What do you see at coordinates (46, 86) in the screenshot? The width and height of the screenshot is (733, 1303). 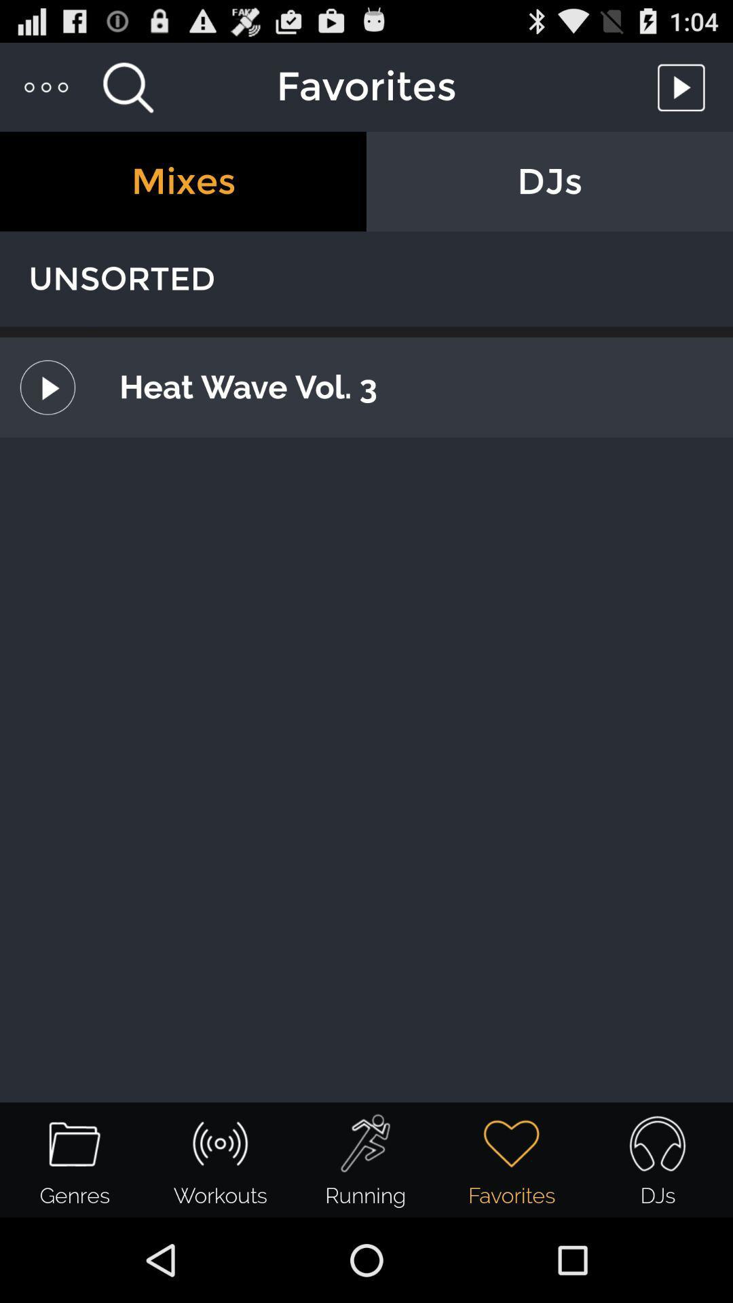 I see `more options` at bounding box center [46, 86].